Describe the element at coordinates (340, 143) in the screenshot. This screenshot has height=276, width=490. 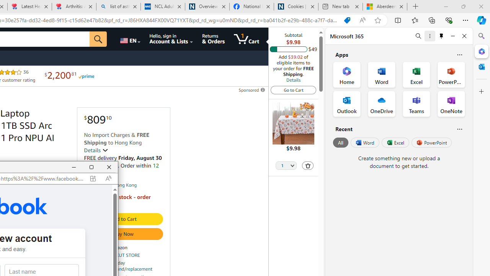
I see `'All'` at that location.